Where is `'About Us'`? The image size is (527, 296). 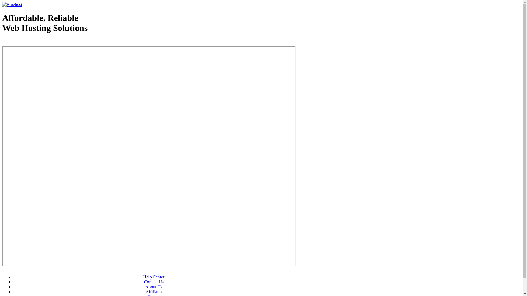
'About Us' is located at coordinates (154, 286).